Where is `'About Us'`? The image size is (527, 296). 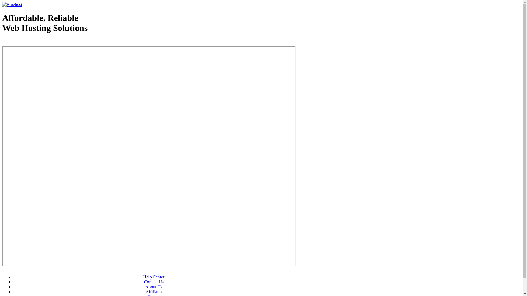
'About Us' is located at coordinates (154, 286).